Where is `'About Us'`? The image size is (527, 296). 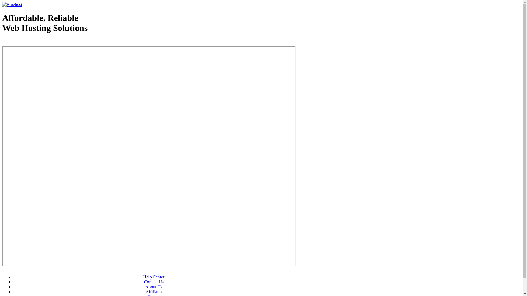
'About Us' is located at coordinates (154, 286).